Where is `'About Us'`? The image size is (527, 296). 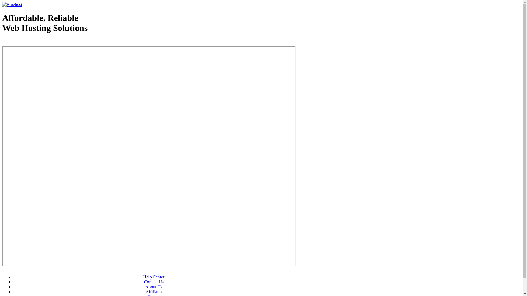
'About Us' is located at coordinates (154, 286).